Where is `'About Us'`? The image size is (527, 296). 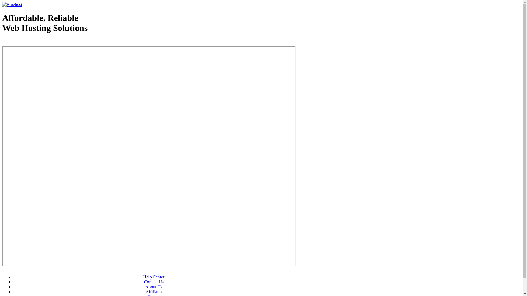
'About Us' is located at coordinates (154, 286).